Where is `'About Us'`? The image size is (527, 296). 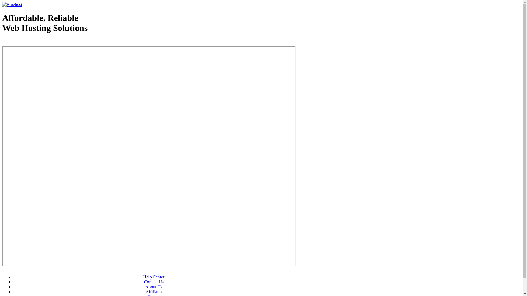
'About Us' is located at coordinates (154, 286).